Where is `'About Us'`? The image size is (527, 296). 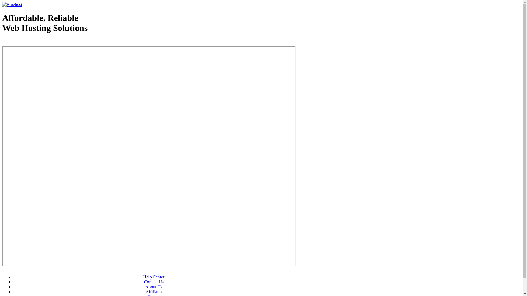
'About Us' is located at coordinates (154, 286).